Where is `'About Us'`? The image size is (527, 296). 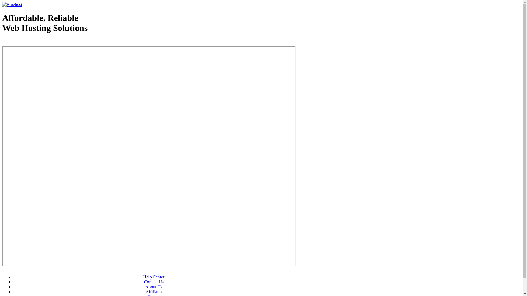
'About Us' is located at coordinates (154, 286).